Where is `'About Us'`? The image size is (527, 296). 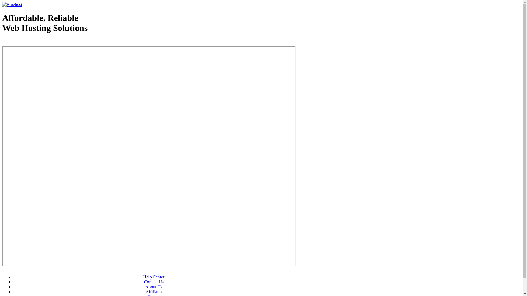
'About Us' is located at coordinates (154, 286).